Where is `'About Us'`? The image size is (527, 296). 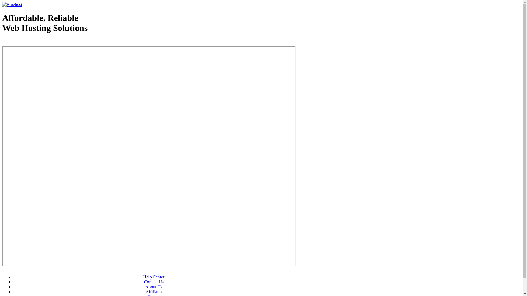
'About Us' is located at coordinates (154, 286).